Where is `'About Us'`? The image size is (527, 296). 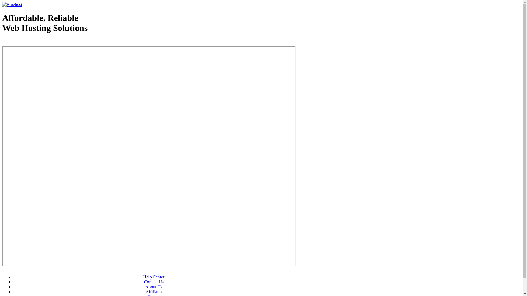
'About Us' is located at coordinates (154, 286).